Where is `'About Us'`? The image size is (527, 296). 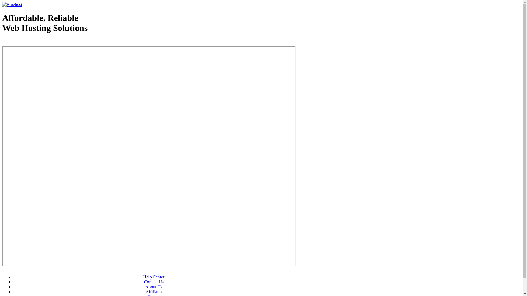
'About Us' is located at coordinates (154, 286).